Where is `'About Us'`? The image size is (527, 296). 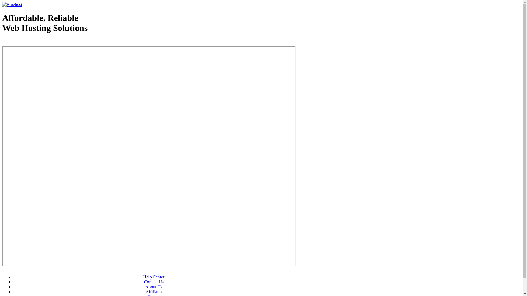
'About Us' is located at coordinates (154, 286).